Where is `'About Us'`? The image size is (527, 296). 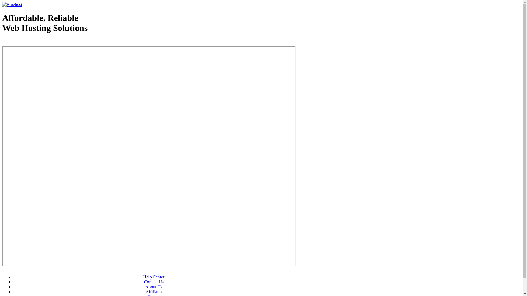
'About Us' is located at coordinates (154, 286).